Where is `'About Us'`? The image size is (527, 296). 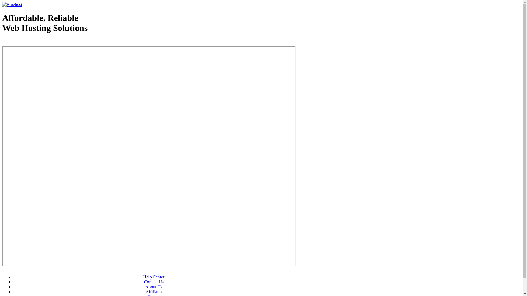
'About Us' is located at coordinates (154, 286).